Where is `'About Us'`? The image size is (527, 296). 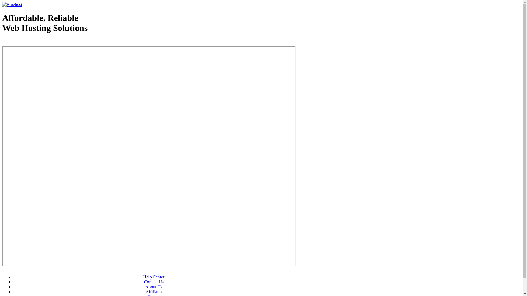
'About Us' is located at coordinates (154, 286).